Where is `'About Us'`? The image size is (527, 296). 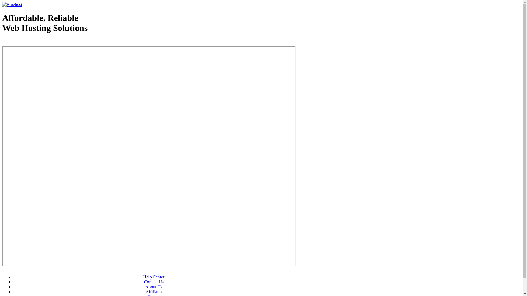
'About Us' is located at coordinates (154, 286).